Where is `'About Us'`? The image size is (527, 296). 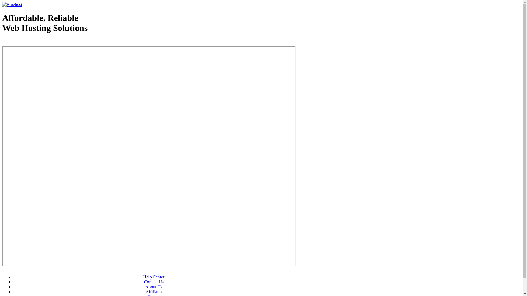
'About Us' is located at coordinates (154, 286).